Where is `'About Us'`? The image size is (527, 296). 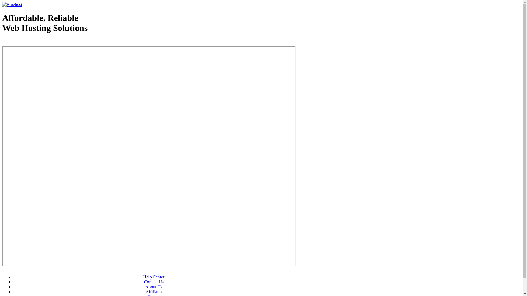
'About Us' is located at coordinates (154, 286).